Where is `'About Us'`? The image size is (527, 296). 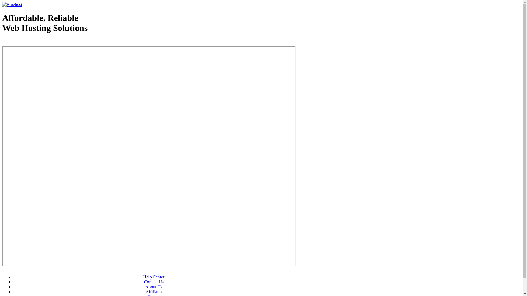
'About Us' is located at coordinates (154, 286).